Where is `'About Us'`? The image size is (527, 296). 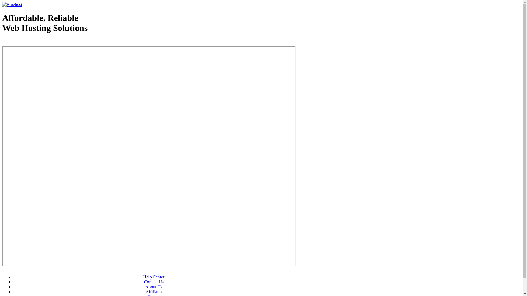
'About Us' is located at coordinates (154, 286).